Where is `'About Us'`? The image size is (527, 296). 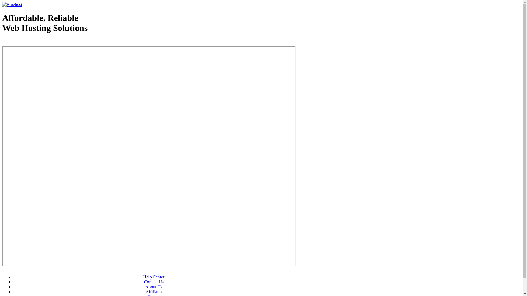
'About Us' is located at coordinates (154, 286).